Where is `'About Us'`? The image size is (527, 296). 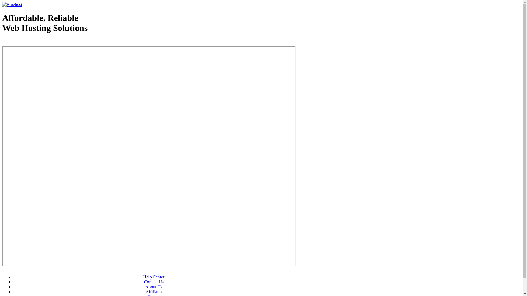
'About Us' is located at coordinates (154, 286).